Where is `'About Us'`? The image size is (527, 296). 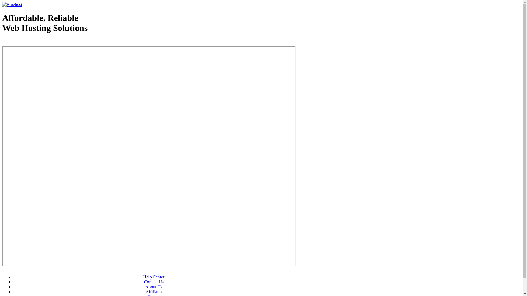
'About Us' is located at coordinates (154, 286).